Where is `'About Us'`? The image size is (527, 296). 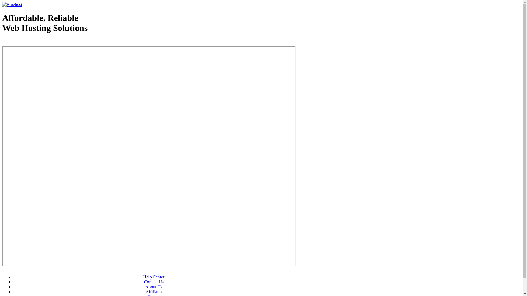
'About Us' is located at coordinates (154, 286).